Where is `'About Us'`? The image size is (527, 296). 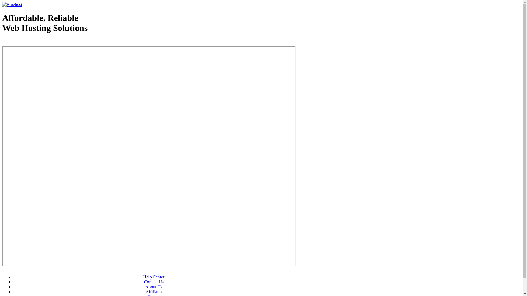
'About Us' is located at coordinates (154, 286).